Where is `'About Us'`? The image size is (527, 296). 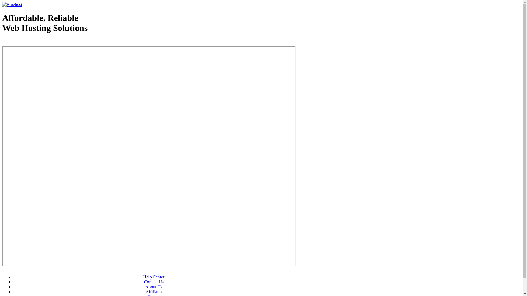
'About Us' is located at coordinates (154, 286).